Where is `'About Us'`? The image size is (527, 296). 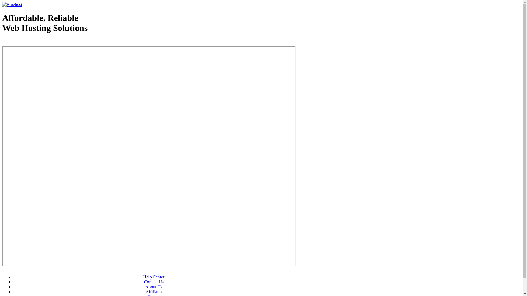
'About Us' is located at coordinates (154, 286).